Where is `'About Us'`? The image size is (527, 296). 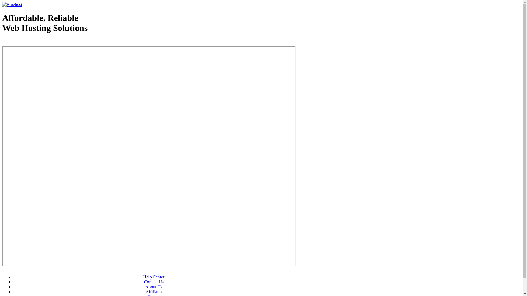
'About Us' is located at coordinates (154, 286).